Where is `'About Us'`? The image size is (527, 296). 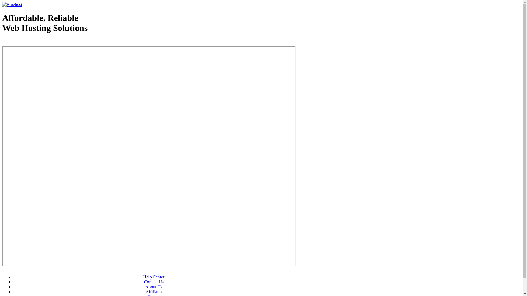
'About Us' is located at coordinates (154, 286).